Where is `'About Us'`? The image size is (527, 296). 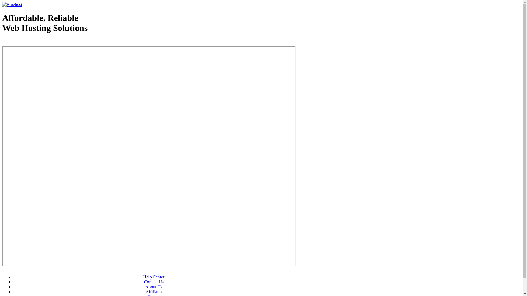
'About Us' is located at coordinates (154, 286).